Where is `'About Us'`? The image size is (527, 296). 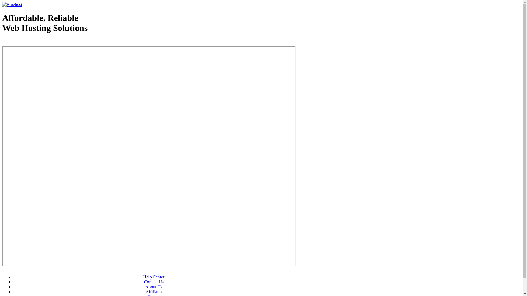
'About Us' is located at coordinates (154, 286).